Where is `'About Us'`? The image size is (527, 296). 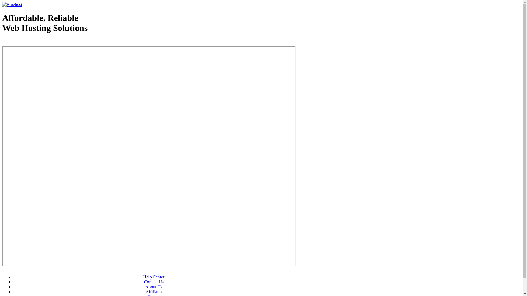
'About Us' is located at coordinates (154, 286).